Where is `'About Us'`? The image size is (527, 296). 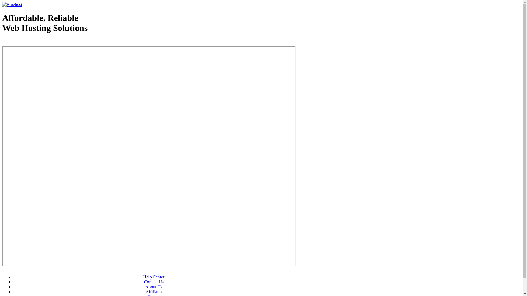
'About Us' is located at coordinates (154, 286).